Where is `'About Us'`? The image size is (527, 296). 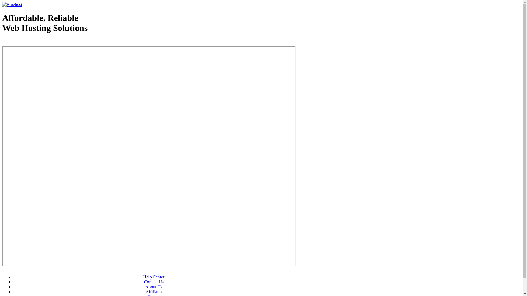
'About Us' is located at coordinates (154, 286).